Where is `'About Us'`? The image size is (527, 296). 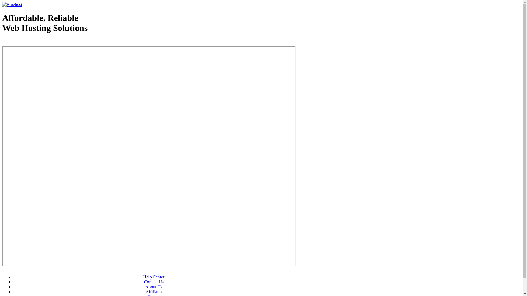
'About Us' is located at coordinates (154, 286).